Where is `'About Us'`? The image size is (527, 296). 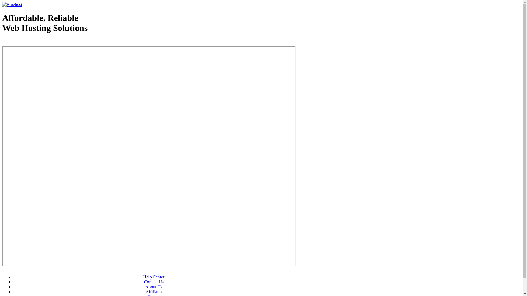
'About Us' is located at coordinates (154, 286).